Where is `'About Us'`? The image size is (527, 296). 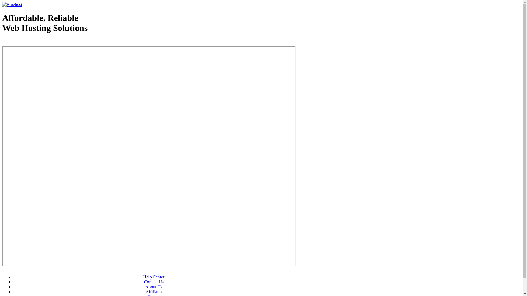
'About Us' is located at coordinates (154, 286).